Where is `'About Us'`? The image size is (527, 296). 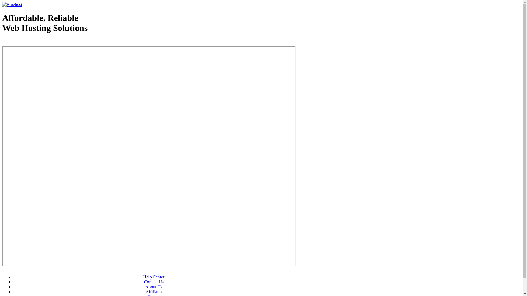
'About Us' is located at coordinates (154, 286).